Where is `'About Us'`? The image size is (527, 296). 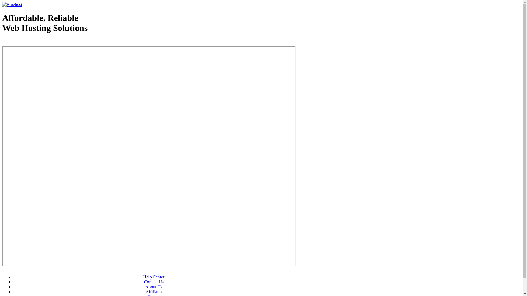
'About Us' is located at coordinates (154, 286).